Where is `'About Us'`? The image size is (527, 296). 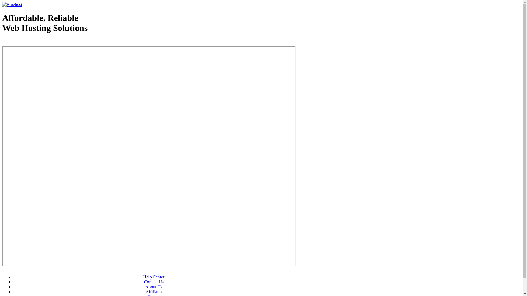
'About Us' is located at coordinates (154, 286).